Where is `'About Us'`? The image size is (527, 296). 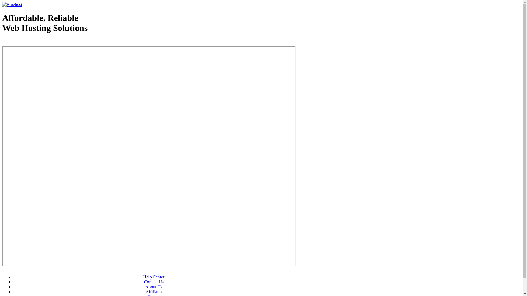
'About Us' is located at coordinates (154, 286).